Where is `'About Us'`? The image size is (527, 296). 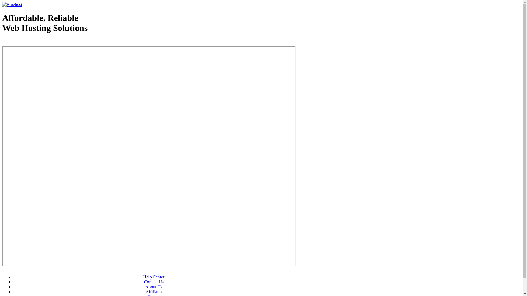
'About Us' is located at coordinates (154, 286).